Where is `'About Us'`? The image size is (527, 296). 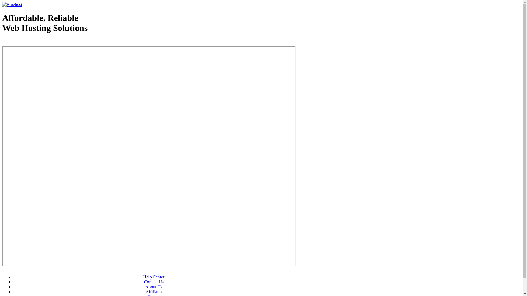
'About Us' is located at coordinates (154, 286).